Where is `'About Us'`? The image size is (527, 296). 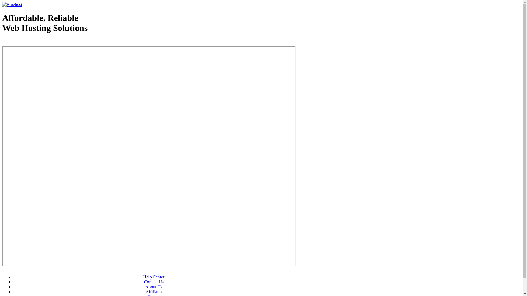
'About Us' is located at coordinates (154, 286).